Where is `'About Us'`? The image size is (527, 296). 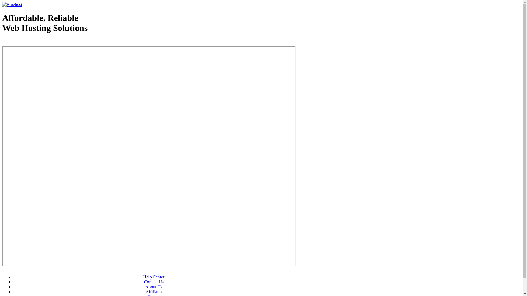
'About Us' is located at coordinates (154, 286).